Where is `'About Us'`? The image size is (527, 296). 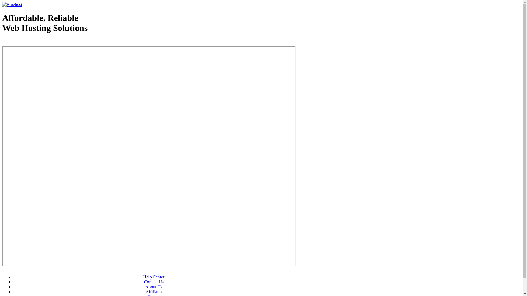
'About Us' is located at coordinates (154, 286).